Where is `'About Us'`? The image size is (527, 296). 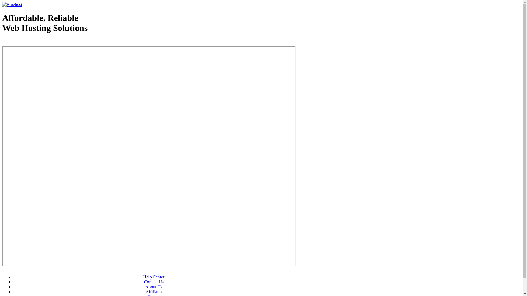
'About Us' is located at coordinates (154, 286).